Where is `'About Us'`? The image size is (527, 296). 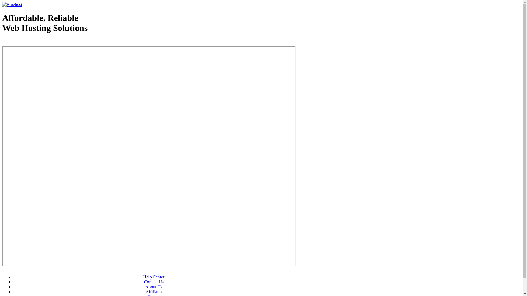
'About Us' is located at coordinates (154, 286).